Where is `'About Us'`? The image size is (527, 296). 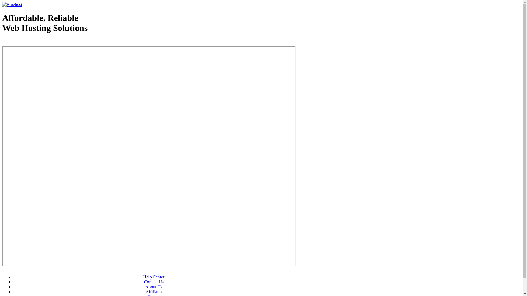
'About Us' is located at coordinates (154, 286).